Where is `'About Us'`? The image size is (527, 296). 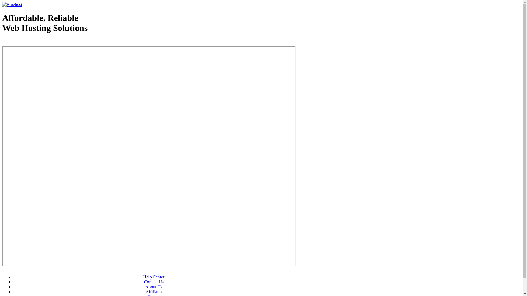
'About Us' is located at coordinates (154, 286).